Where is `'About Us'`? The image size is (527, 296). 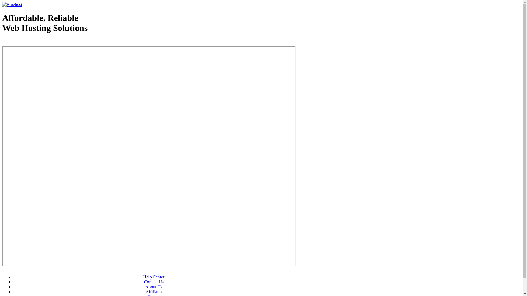
'About Us' is located at coordinates (154, 286).